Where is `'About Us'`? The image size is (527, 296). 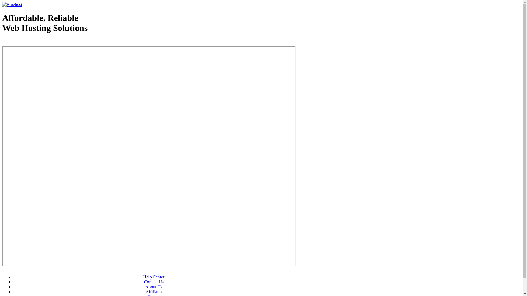
'About Us' is located at coordinates (154, 286).